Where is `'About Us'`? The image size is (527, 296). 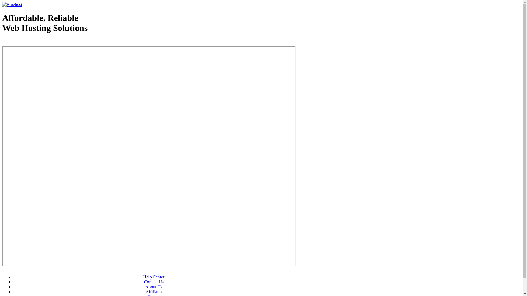
'About Us' is located at coordinates (154, 286).